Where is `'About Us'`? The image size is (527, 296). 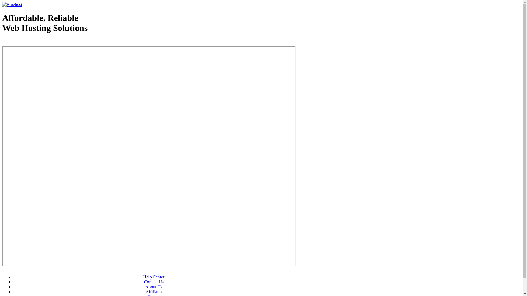
'About Us' is located at coordinates (154, 286).